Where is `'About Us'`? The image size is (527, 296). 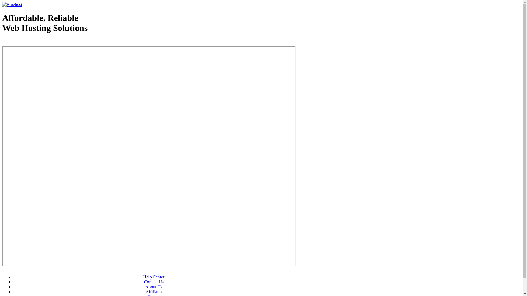
'About Us' is located at coordinates (154, 286).